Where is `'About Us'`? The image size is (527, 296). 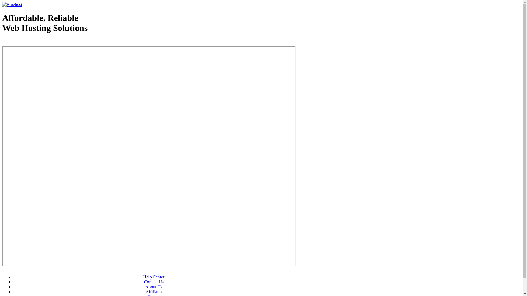
'About Us' is located at coordinates (154, 286).